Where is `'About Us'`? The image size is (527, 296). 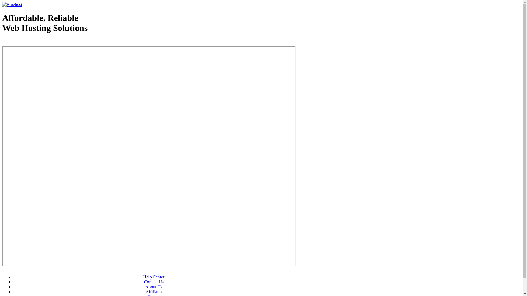
'About Us' is located at coordinates (154, 286).